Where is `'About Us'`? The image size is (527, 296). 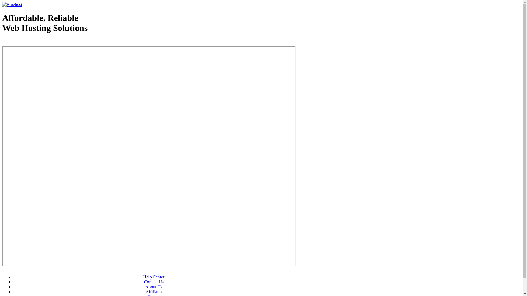
'About Us' is located at coordinates (154, 286).